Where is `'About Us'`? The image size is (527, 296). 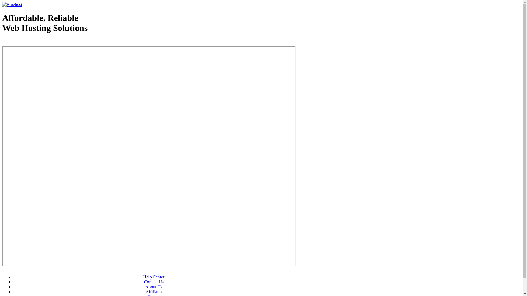
'About Us' is located at coordinates (154, 286).